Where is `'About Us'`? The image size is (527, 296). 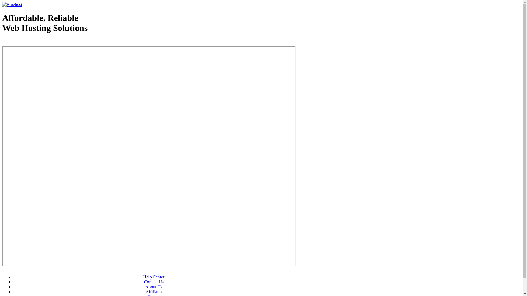
'About Us' is located at coordinates (154, 286).